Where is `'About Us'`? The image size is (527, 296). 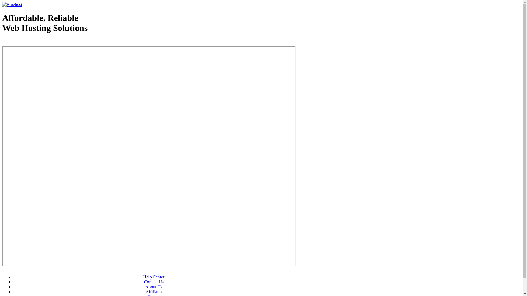
'About Us' is located at coordinates (154, 286).